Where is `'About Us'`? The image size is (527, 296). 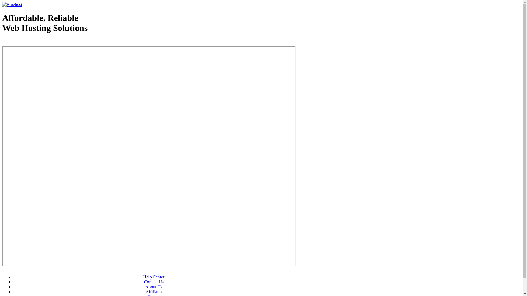
'About Us' is located at coordinates (154, 286).